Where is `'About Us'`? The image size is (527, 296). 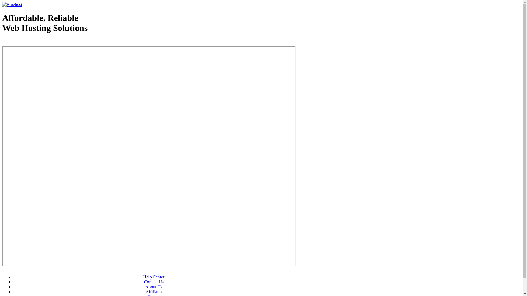
'About Us' is located at coordinates (154, 286).